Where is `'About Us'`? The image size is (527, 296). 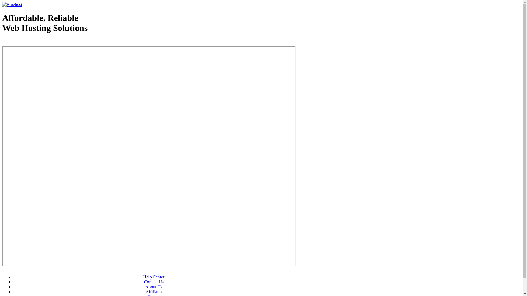
'About Us' is located at coordinates (154, 286).